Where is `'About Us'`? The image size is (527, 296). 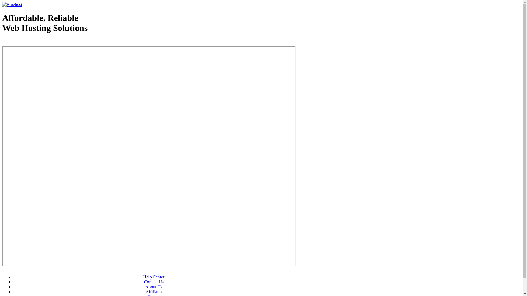
'About Us' is located at coordinates (154, 286).